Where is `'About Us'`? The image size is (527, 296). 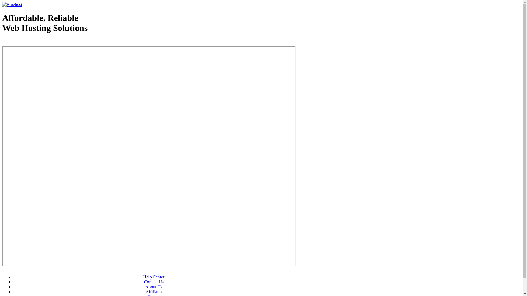
'About Us' is located at coordinates (154, 286).